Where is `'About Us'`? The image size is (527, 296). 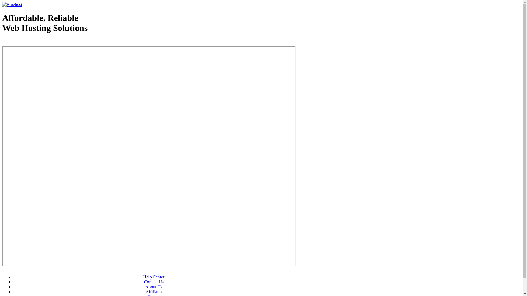
'About Us' is located at coordinates (154, 286).